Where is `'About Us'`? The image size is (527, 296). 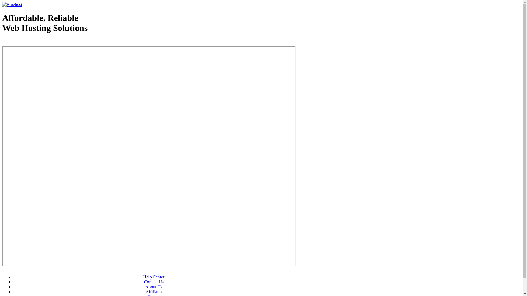
'About Us' is located at coordinates (154, 286).